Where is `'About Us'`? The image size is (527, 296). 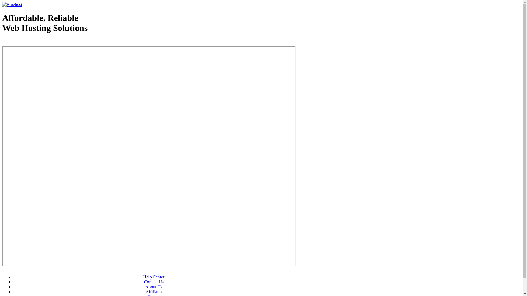
'About Us' is located at coordinates (154, 286).